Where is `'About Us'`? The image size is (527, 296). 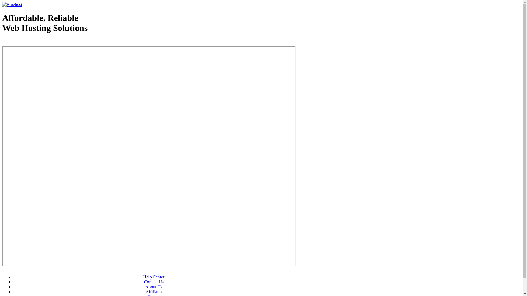
'About Us' is located at coordinates (154, 286).